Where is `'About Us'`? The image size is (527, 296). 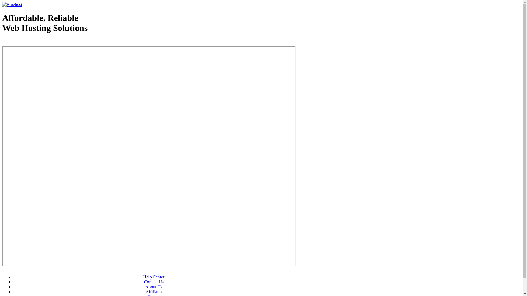
'About Us' is located at coordinates (154, 286).